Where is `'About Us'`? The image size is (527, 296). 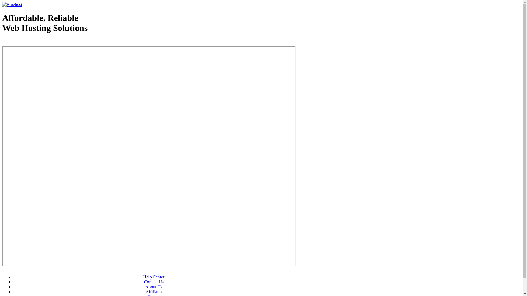
'About Us' is located at coordinates (154, 286).